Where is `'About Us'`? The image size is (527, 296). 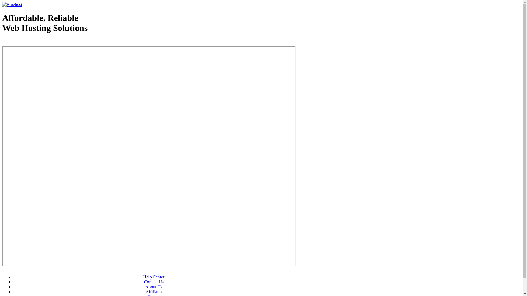
'About Us' is located at coordinates (154, 286).